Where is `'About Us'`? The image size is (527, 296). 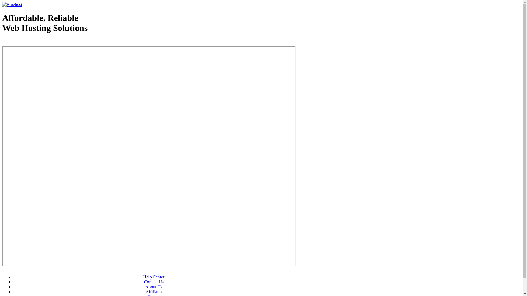
'About Us' is located at coordinates (154, 286).